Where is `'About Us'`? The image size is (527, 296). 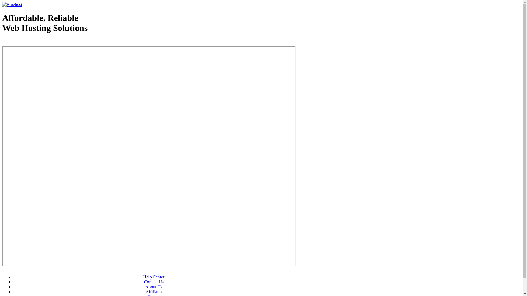
'About Us' is located at coordinates (154, 286).